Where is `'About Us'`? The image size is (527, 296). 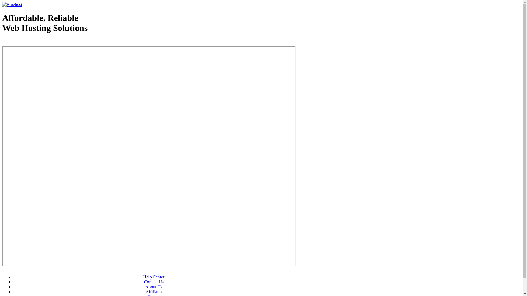
'About Us' is located at coordinates (154, 286).